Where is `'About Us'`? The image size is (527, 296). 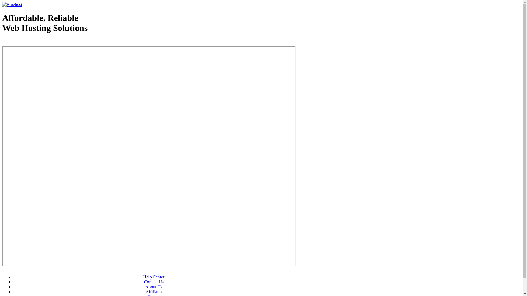
'About Us' is located at coordinates (154, 286).